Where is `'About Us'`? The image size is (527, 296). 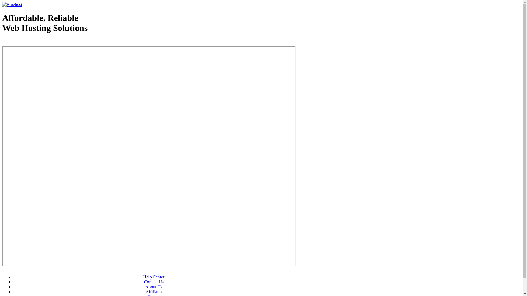
'About Us' is located at coordinates (154, 286).